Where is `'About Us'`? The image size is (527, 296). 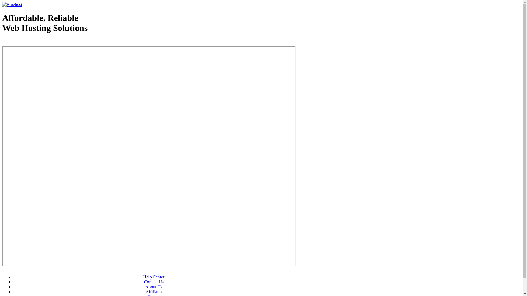
'About Us' is located at coordinates (154, 286).